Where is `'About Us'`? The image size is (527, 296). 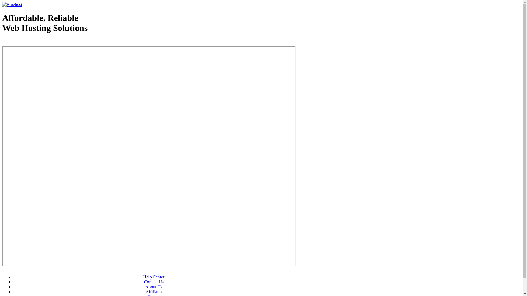
'About Us' is located at coordinates (154, 286).